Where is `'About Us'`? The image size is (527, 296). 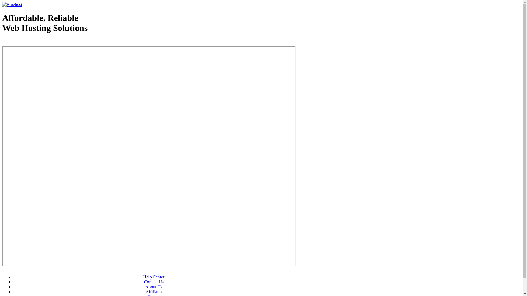
'About Us' is located at coordinates (154, 286).